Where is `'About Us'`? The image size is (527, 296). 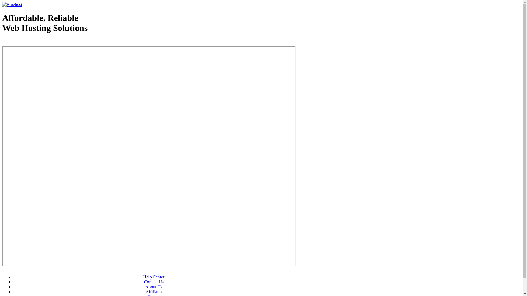
'About Us' is located at coordinates (154, 286).